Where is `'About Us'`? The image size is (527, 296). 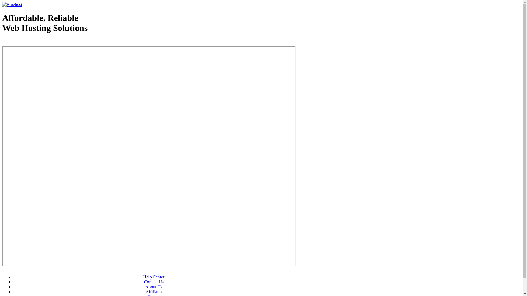
'About Us' is located at coordinates (154, 286).